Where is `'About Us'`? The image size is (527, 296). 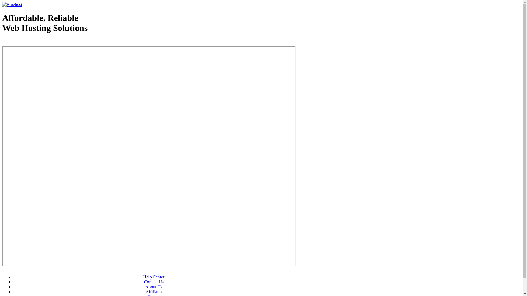
'About Us' is located at coordinates (154, 286).